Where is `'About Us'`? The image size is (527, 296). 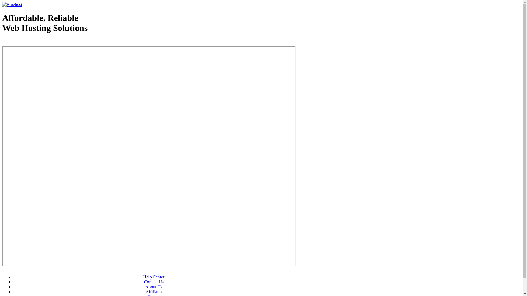
'About Us' is located at coordinates (154, 286).